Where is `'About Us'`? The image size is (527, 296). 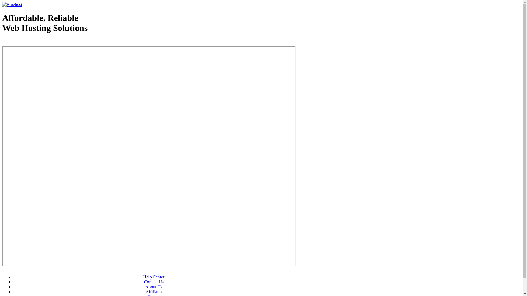
'About Us' is located at coordinates (154, 286).